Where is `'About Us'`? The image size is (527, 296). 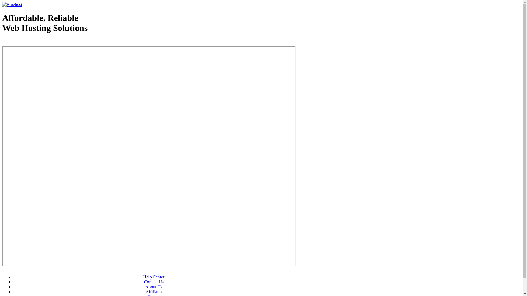
'About Us' is located at coordinates (154, 286).